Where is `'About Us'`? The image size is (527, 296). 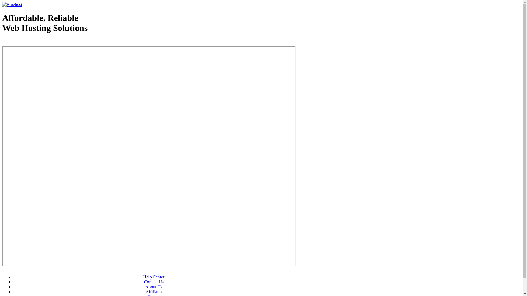
'About Us' is located at coordinates (154, 286).